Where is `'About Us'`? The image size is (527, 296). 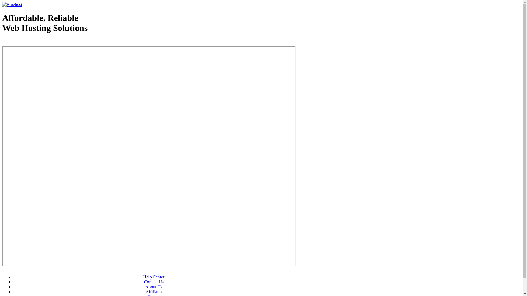
'About Us' is located at coordinates (154, 286).